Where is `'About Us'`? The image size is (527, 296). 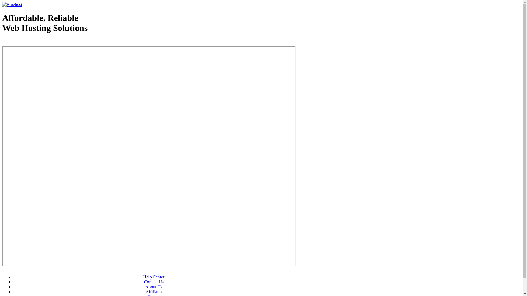
'About Us' is located at coordinates (154, 286).